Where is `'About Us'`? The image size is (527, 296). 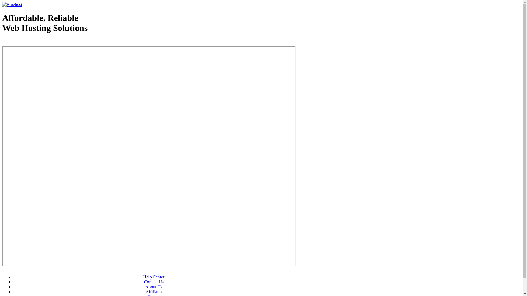
'About Us' is located at coordinates (154, 286).